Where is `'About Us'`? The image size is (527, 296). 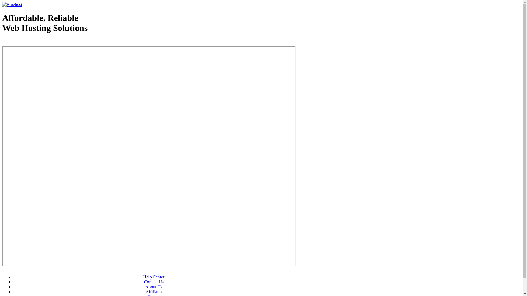
'About Us' is located at coordinates (154, 286).